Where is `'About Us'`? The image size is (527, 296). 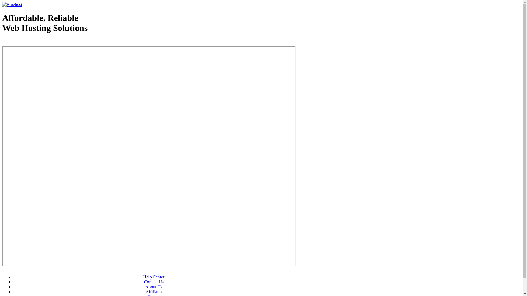
'About Us' is located at coordinates (154, 286).